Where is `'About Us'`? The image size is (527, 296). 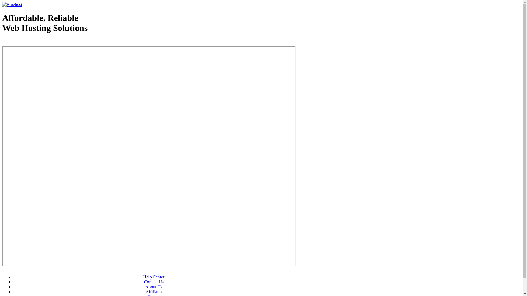
'About Us' is located at coordinates (154, 286).